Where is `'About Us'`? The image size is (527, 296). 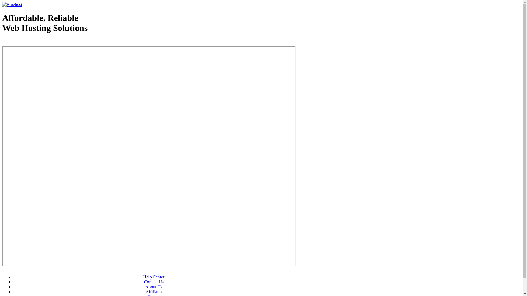
'About Us' is located at coordinates (154, 286).